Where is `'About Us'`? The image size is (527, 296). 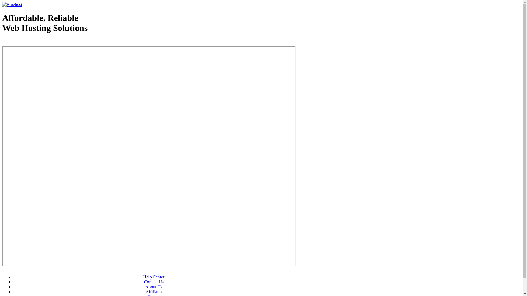
'About Us' is located at coordinates (154, 286).